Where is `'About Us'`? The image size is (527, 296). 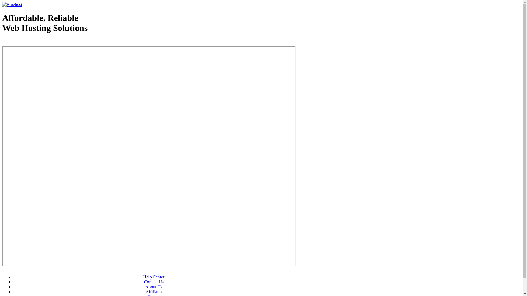
'About Us' is located at coordinates (154, 286).